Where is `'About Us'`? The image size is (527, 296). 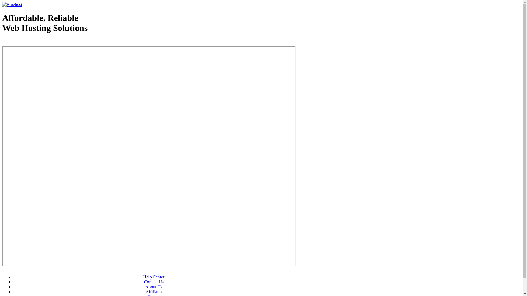
'About Us' is located at coordinates (154, 286).